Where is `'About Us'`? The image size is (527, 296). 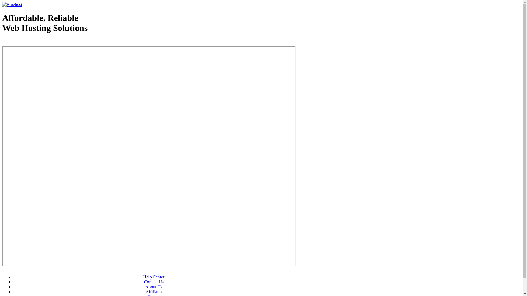
'About Us' is located at coordinates (154, 286).